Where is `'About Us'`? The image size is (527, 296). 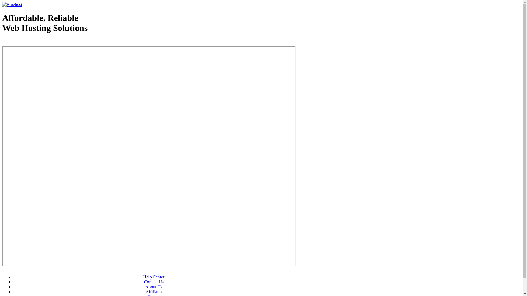
'About Us' is located at coordinates (154, 286).